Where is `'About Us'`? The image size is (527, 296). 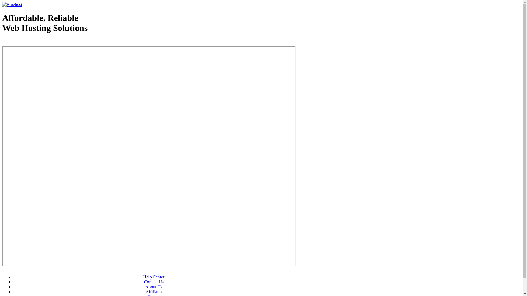
'About Us' is located at coordinates (154, 286).